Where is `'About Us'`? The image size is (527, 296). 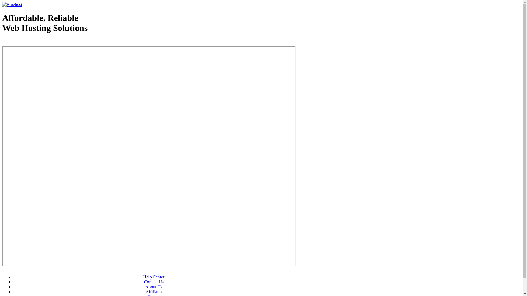
'About Us' is located at coordinates (154, 286).